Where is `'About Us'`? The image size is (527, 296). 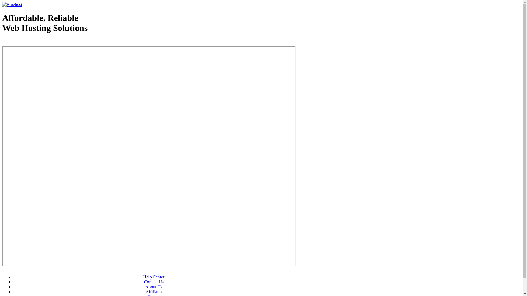
'About Us' is located at coordinates (154, 286).